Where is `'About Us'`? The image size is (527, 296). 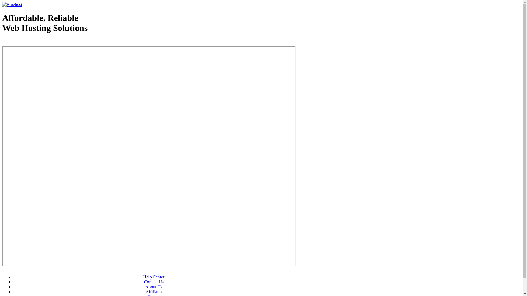
'About Us' is located at coordinates (154, 286).